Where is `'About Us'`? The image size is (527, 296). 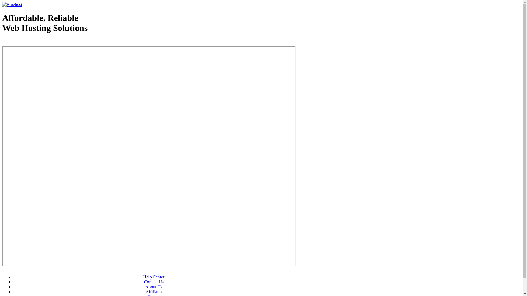
'About Us' is located at coordinates (154, 286).